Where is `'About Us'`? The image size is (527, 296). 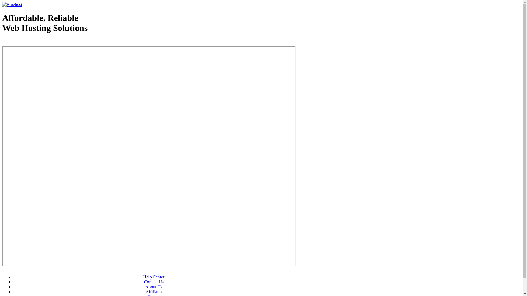
'About Us' is located at coordinates (154, 286).